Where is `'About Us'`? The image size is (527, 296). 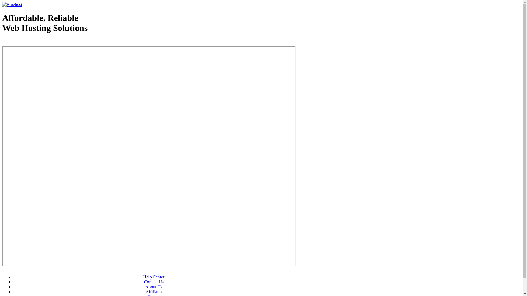
'About Us' is located at coordinates (154, 286).